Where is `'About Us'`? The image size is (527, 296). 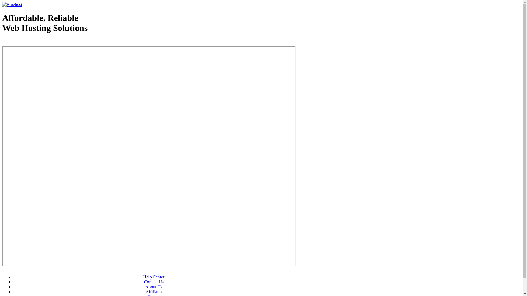
'About Us' is located at coordinates (154, 286).